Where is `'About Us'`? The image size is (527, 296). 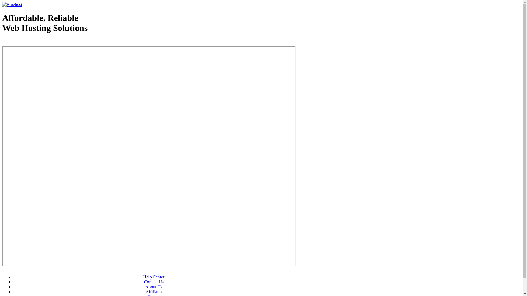
'About Us' is located at coordinates (154, 286).